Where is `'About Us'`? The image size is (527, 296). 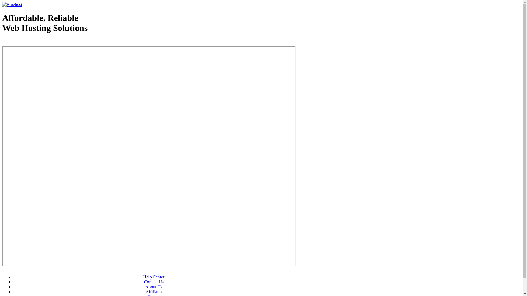
'About Us' is located at coordinates (154, 286).